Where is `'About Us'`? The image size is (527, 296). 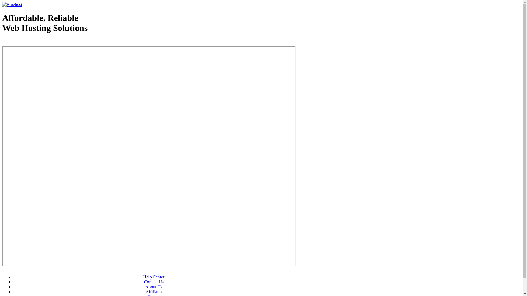
'About Us' is located at coordinates (154, 286).